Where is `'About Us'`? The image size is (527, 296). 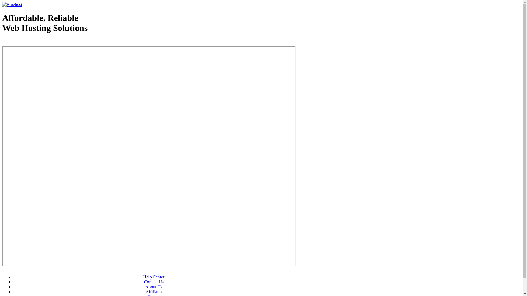
'About Us' is located at coordinates (154, 286).